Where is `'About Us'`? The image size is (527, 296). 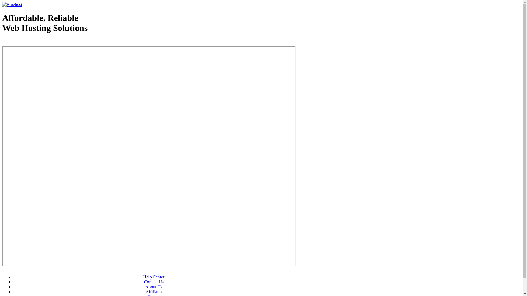
'About Us' is located at coordinates (154, 286).